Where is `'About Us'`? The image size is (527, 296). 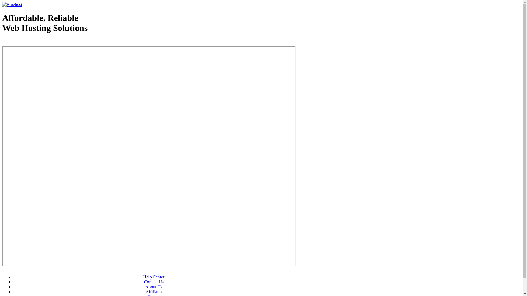
'About Us' is located at coordinates (154, 286).